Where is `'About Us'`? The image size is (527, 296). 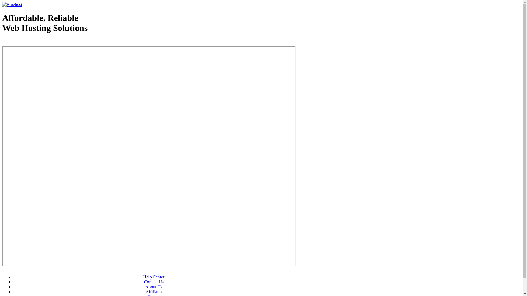
'About Us' is located at coordinates (154, 286).